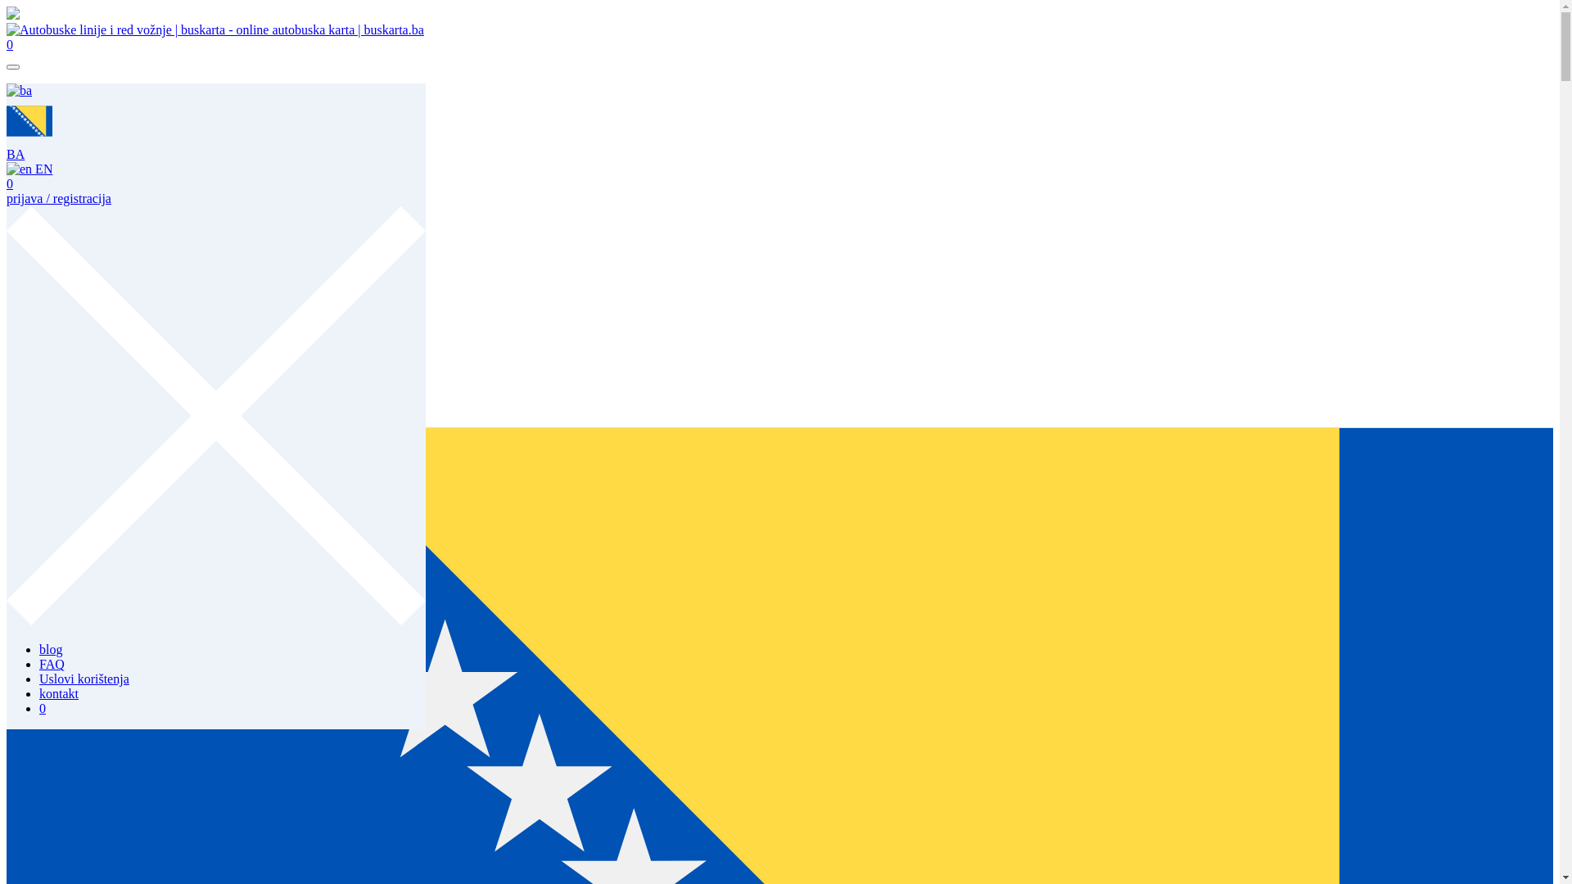  Describe the element at coordinates (19, 91) in the screenshot. I see `'ba'` at that location.